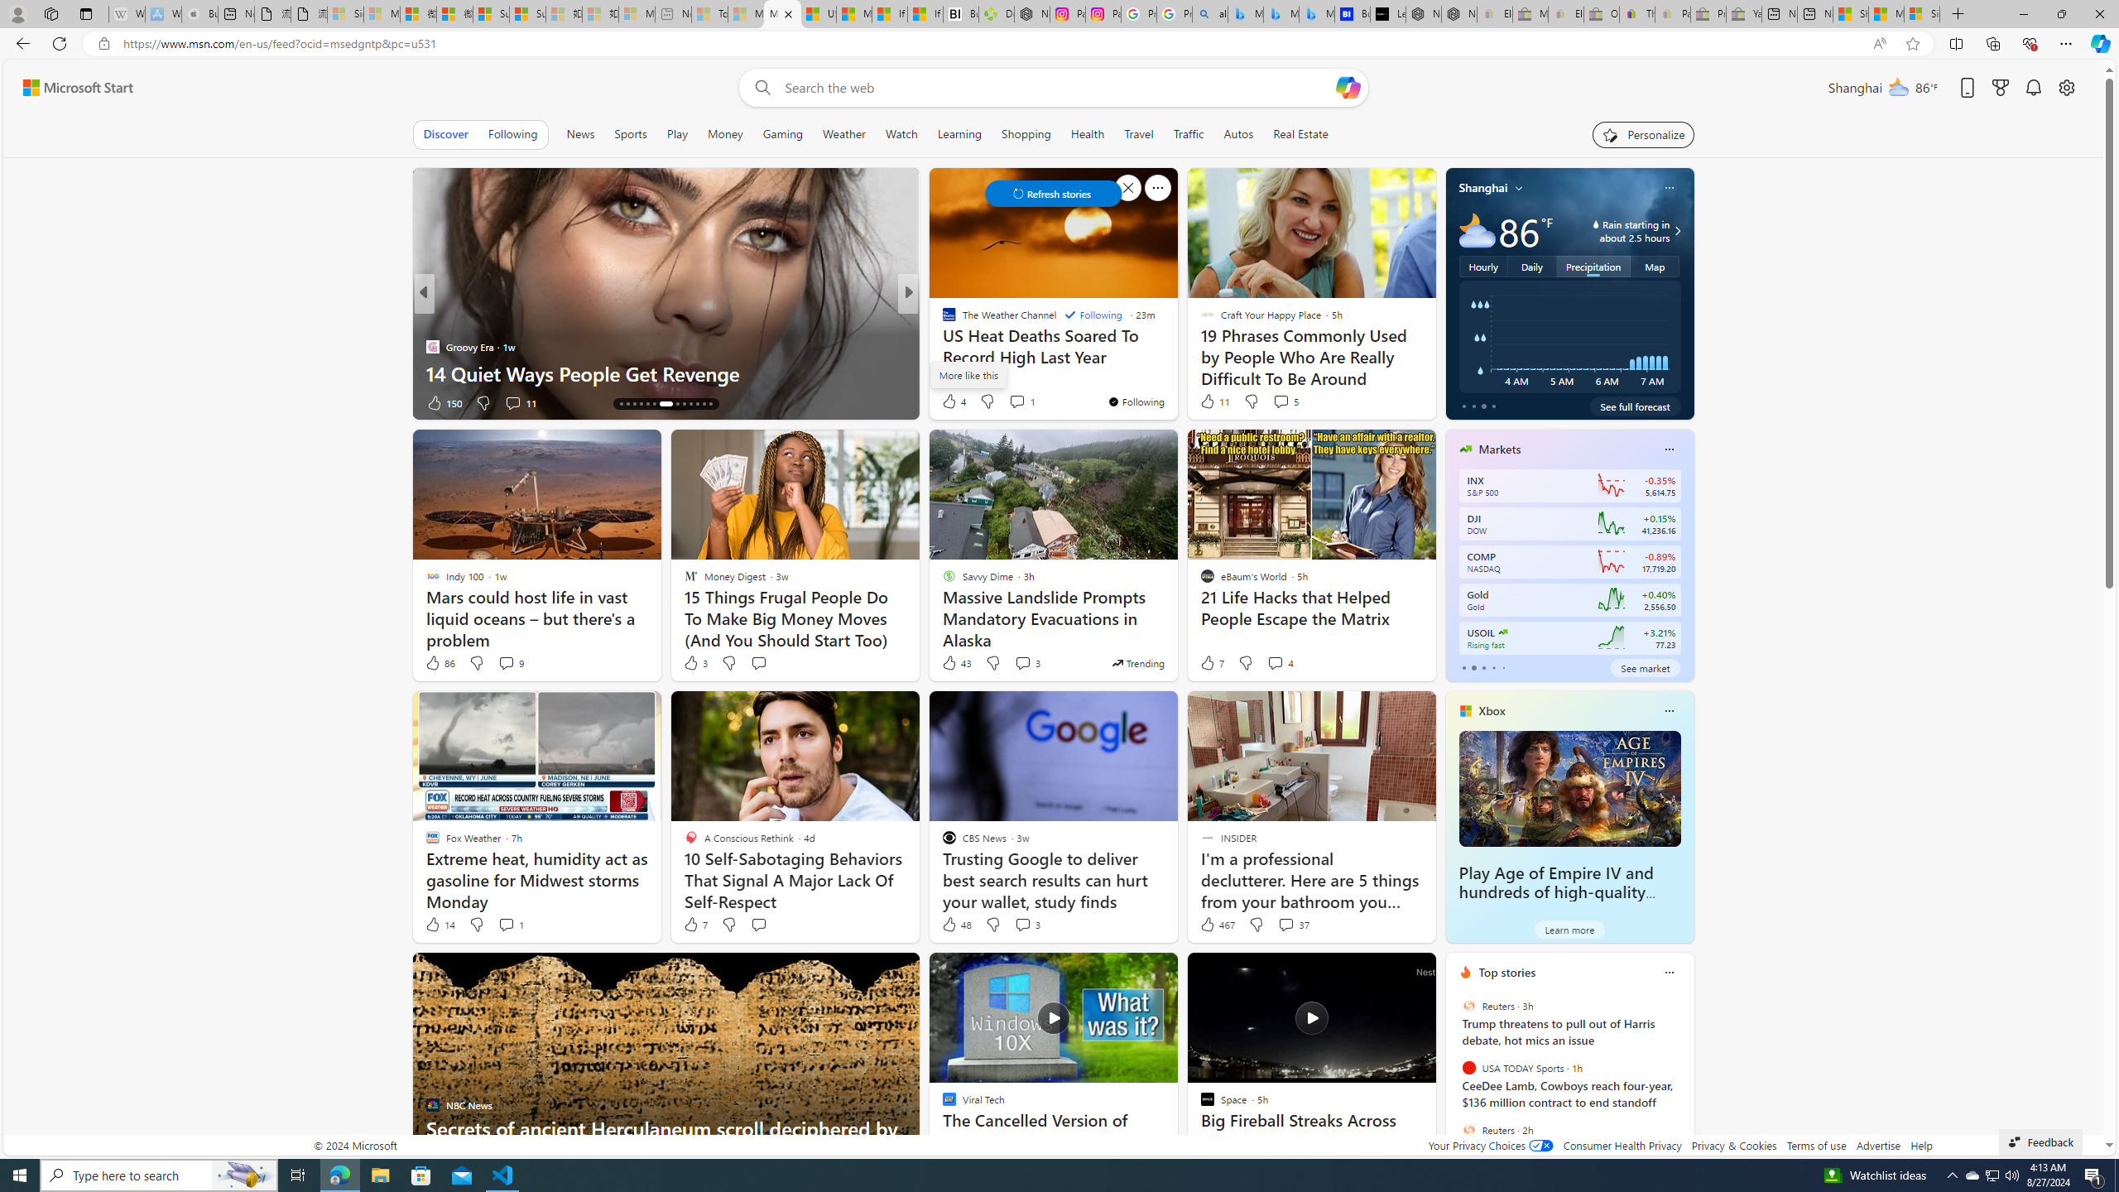 This screenshot has width=2119, height=1192. What do you see at coordinates (1280, 662) in the screenshot?
I see `'View comments 4 Comment'` at bounding box center [1280, 662].